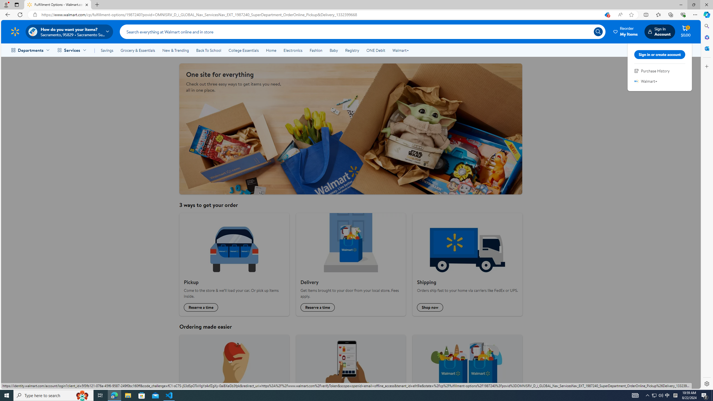 This screenshot has height=401, width=713. What do you see at coordinates (626, 31) in the screenshot?
I see `'ReorderMy Items'` at bounding box center [626, 31].